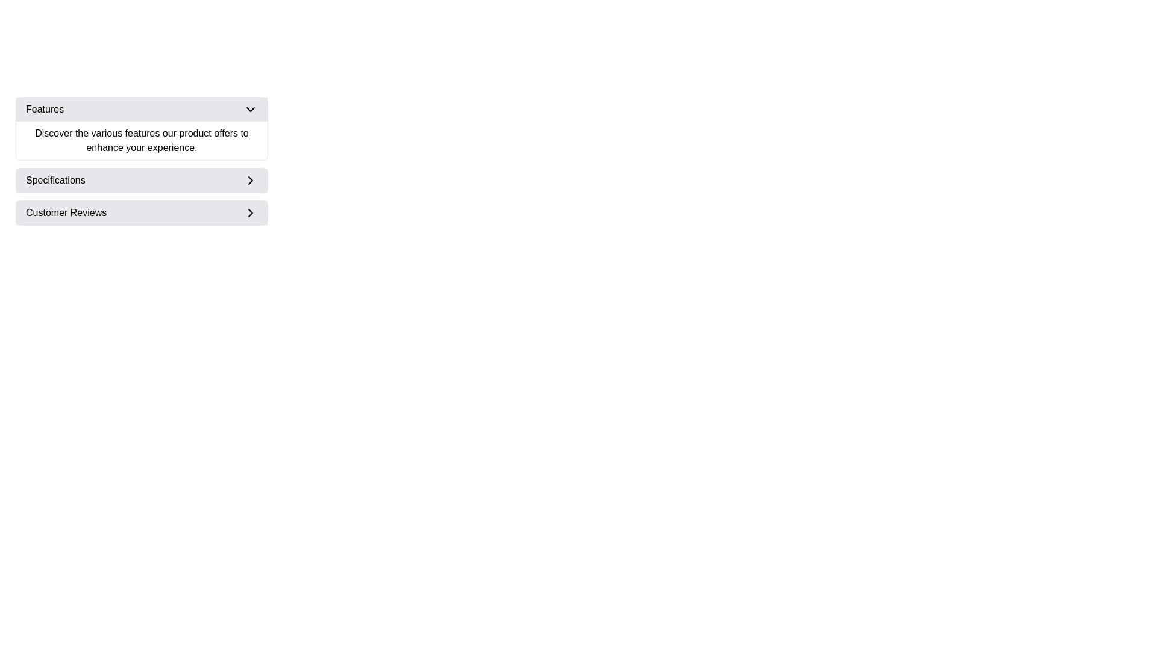 The image size is (1157, 650). What do you see at coordinates (55, 181) in the screenshot?
I see `the 'Specifications' text label which is part of a clickable row in a vertically stacked menu` at bounding box center [55, 181].